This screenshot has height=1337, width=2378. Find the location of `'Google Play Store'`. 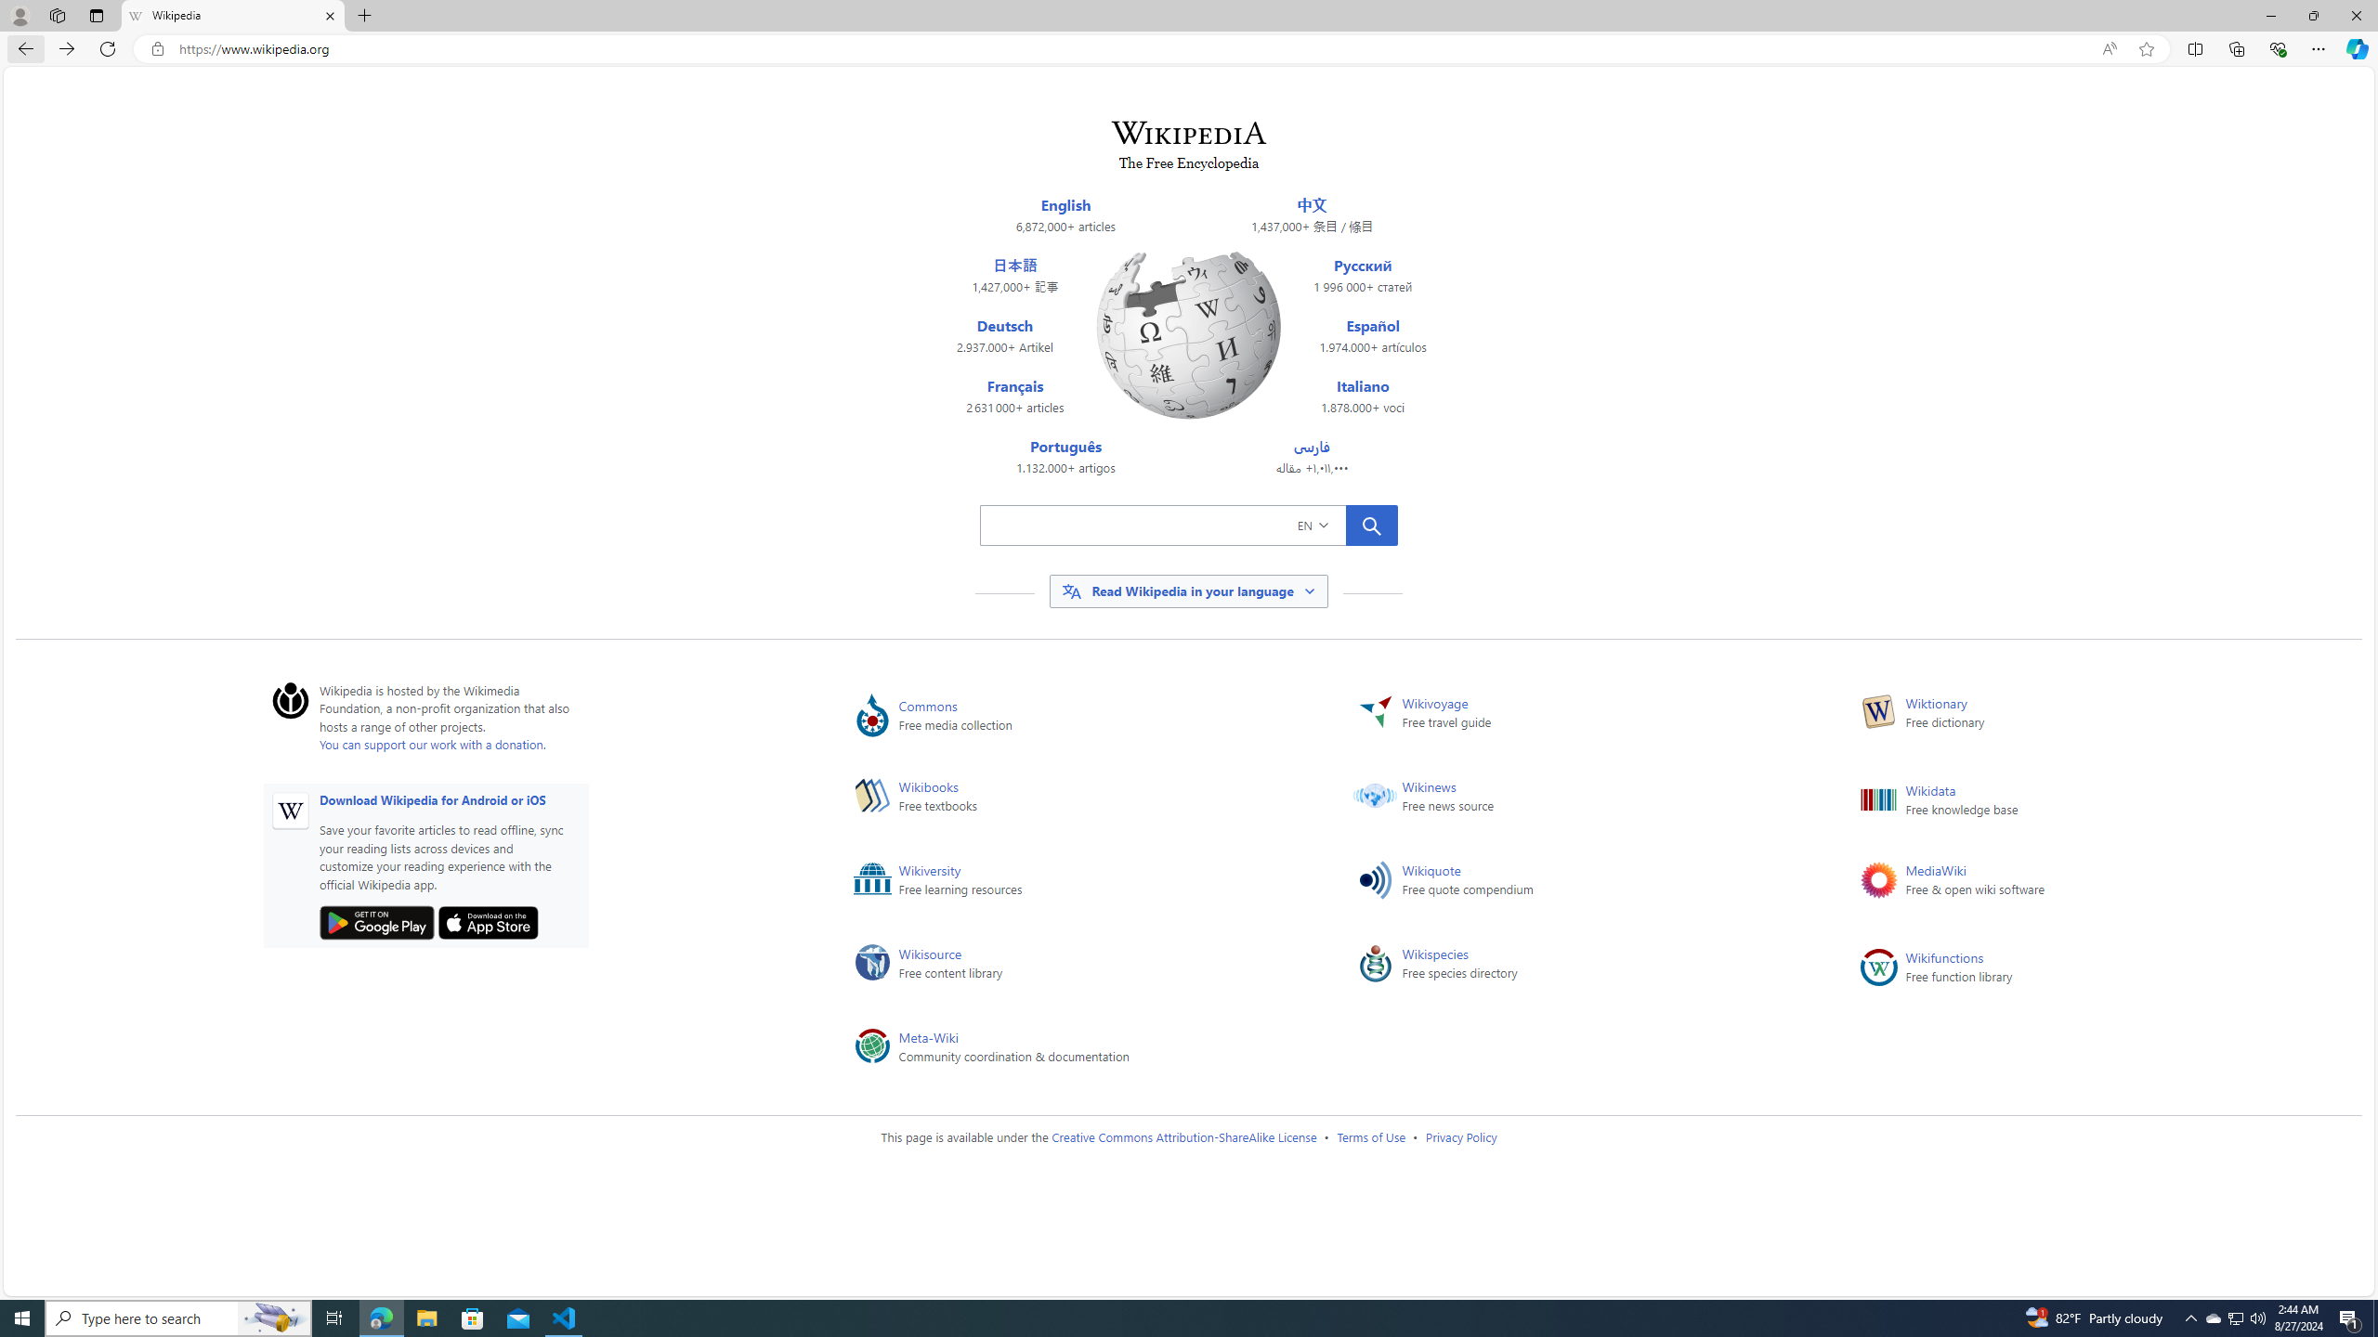

'Google Play Store' is located at coordinates (375, 922).